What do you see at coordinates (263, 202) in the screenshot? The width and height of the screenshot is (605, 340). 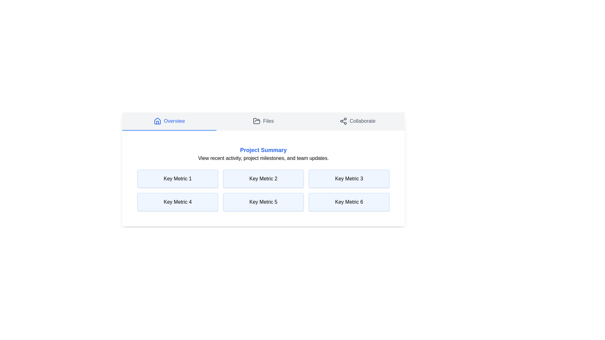 I see `the label located in the second row and second column of the 2x3 grid layout, which is directly below 'Key Metric 2' and to the left of 'Key Metric 6'` at bounding box center [263, 202].